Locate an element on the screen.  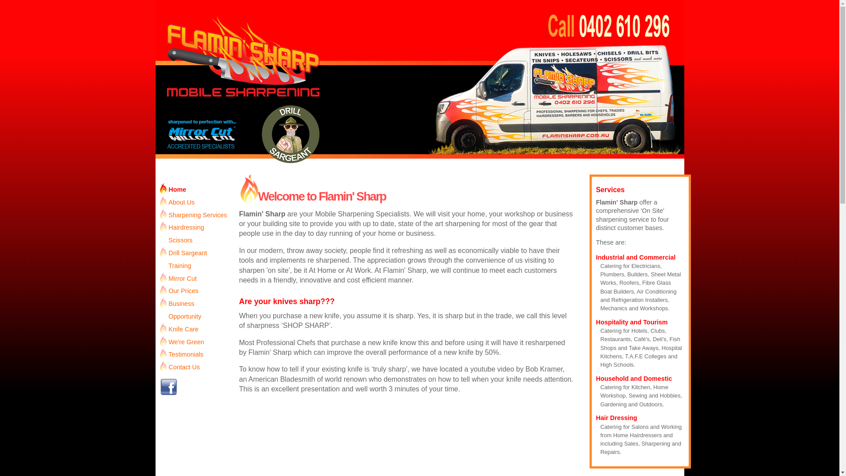
'Knife Care' is located at coordinates (193, 329).